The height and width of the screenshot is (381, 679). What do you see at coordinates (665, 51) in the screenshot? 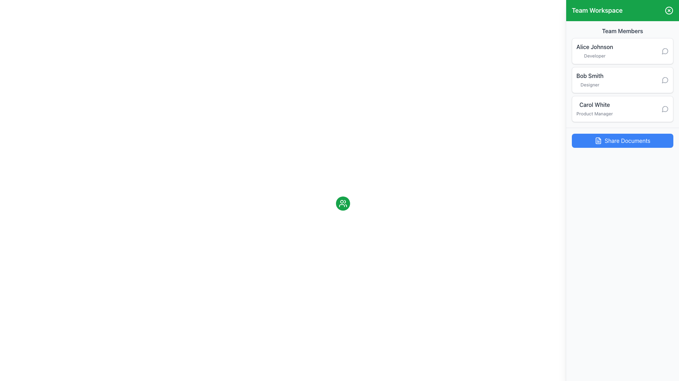
I see `the messaging icon related to Alice Johnson in the Team Members section` at bounding box center [665, 51].